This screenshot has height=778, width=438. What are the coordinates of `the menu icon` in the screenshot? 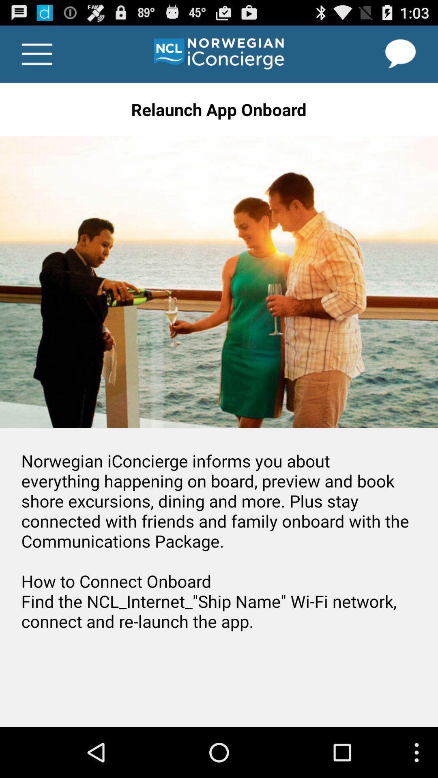 It's located at (37, 58).